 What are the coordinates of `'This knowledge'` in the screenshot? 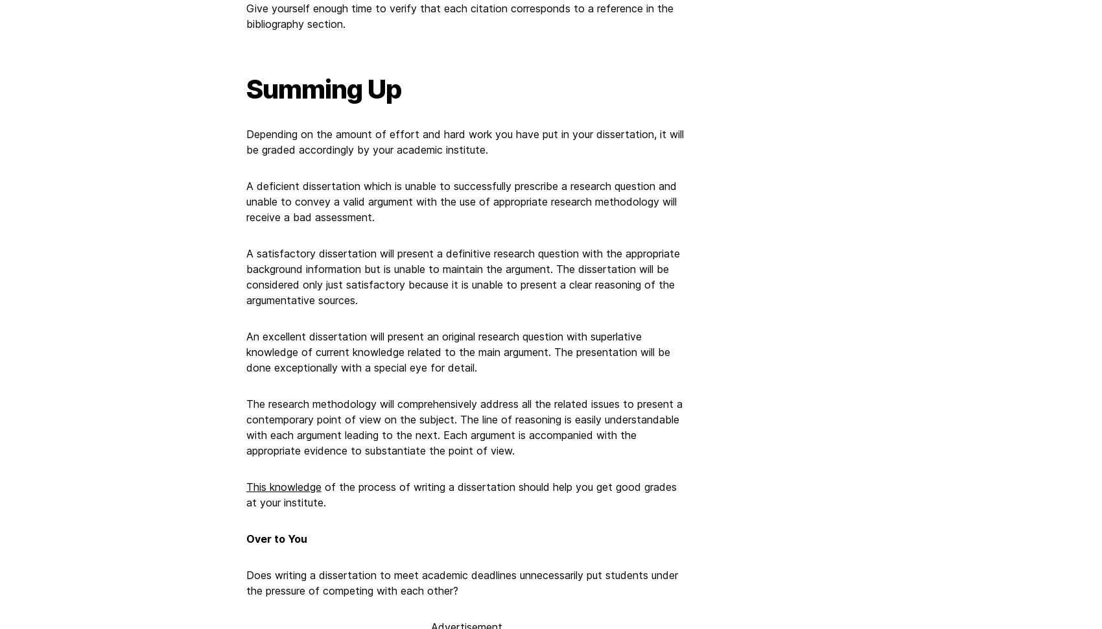 It's located at (245, 486).